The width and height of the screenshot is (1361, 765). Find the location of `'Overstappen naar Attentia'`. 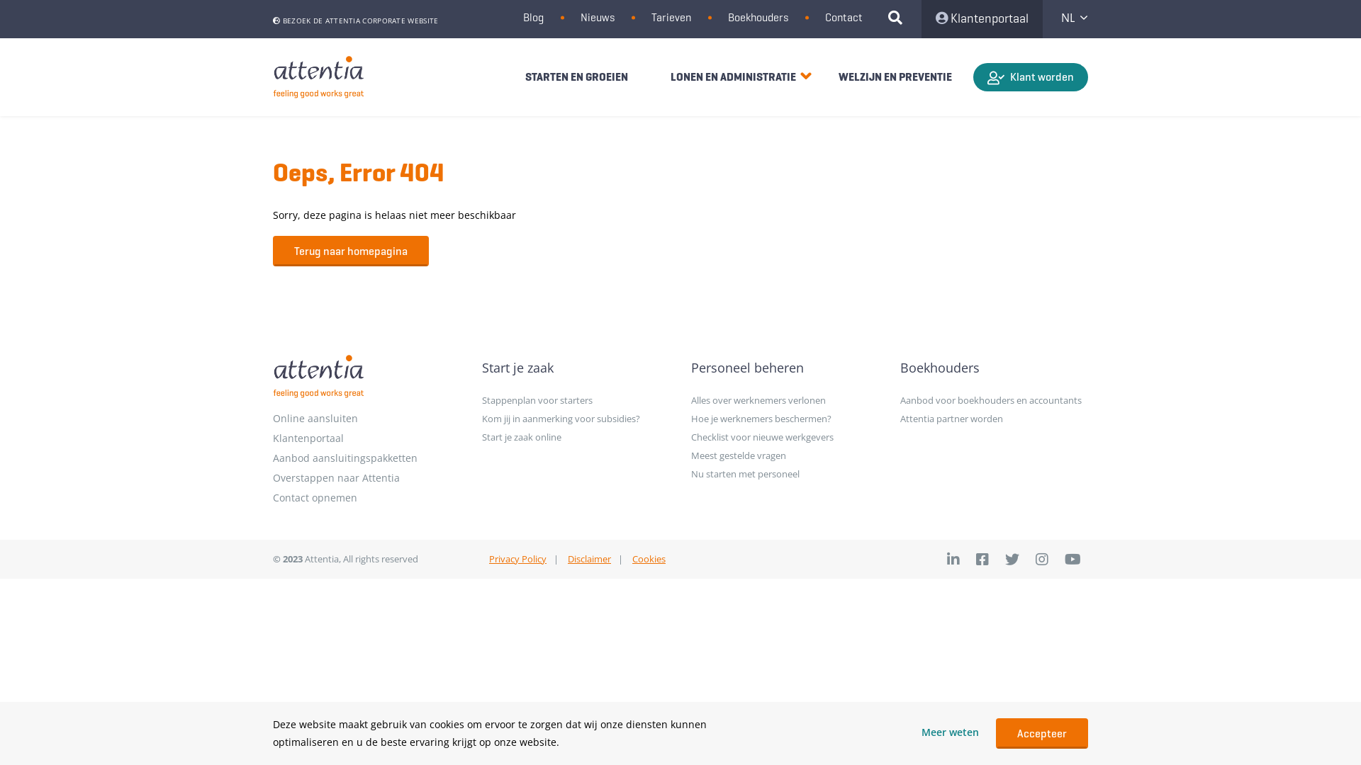

'Overstappen naar Attentia' is located at coordinates (366, 478).